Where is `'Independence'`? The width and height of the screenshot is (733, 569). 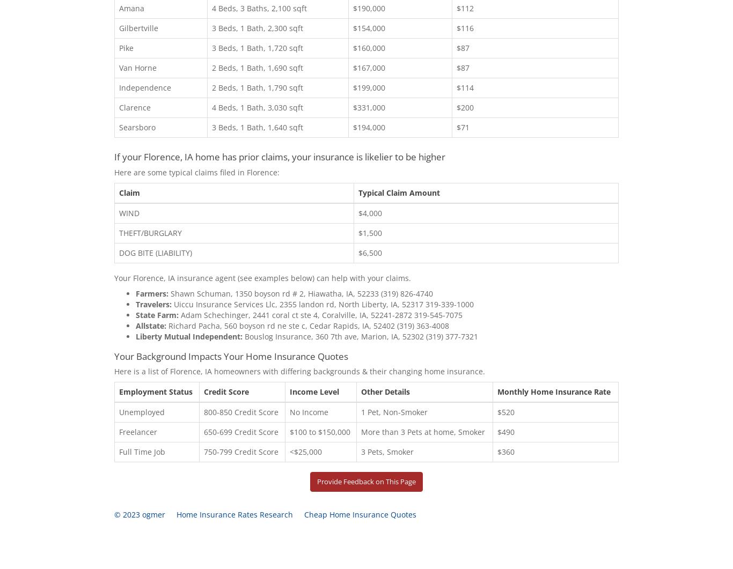
'Independence' is located at coordinates (145, 87).